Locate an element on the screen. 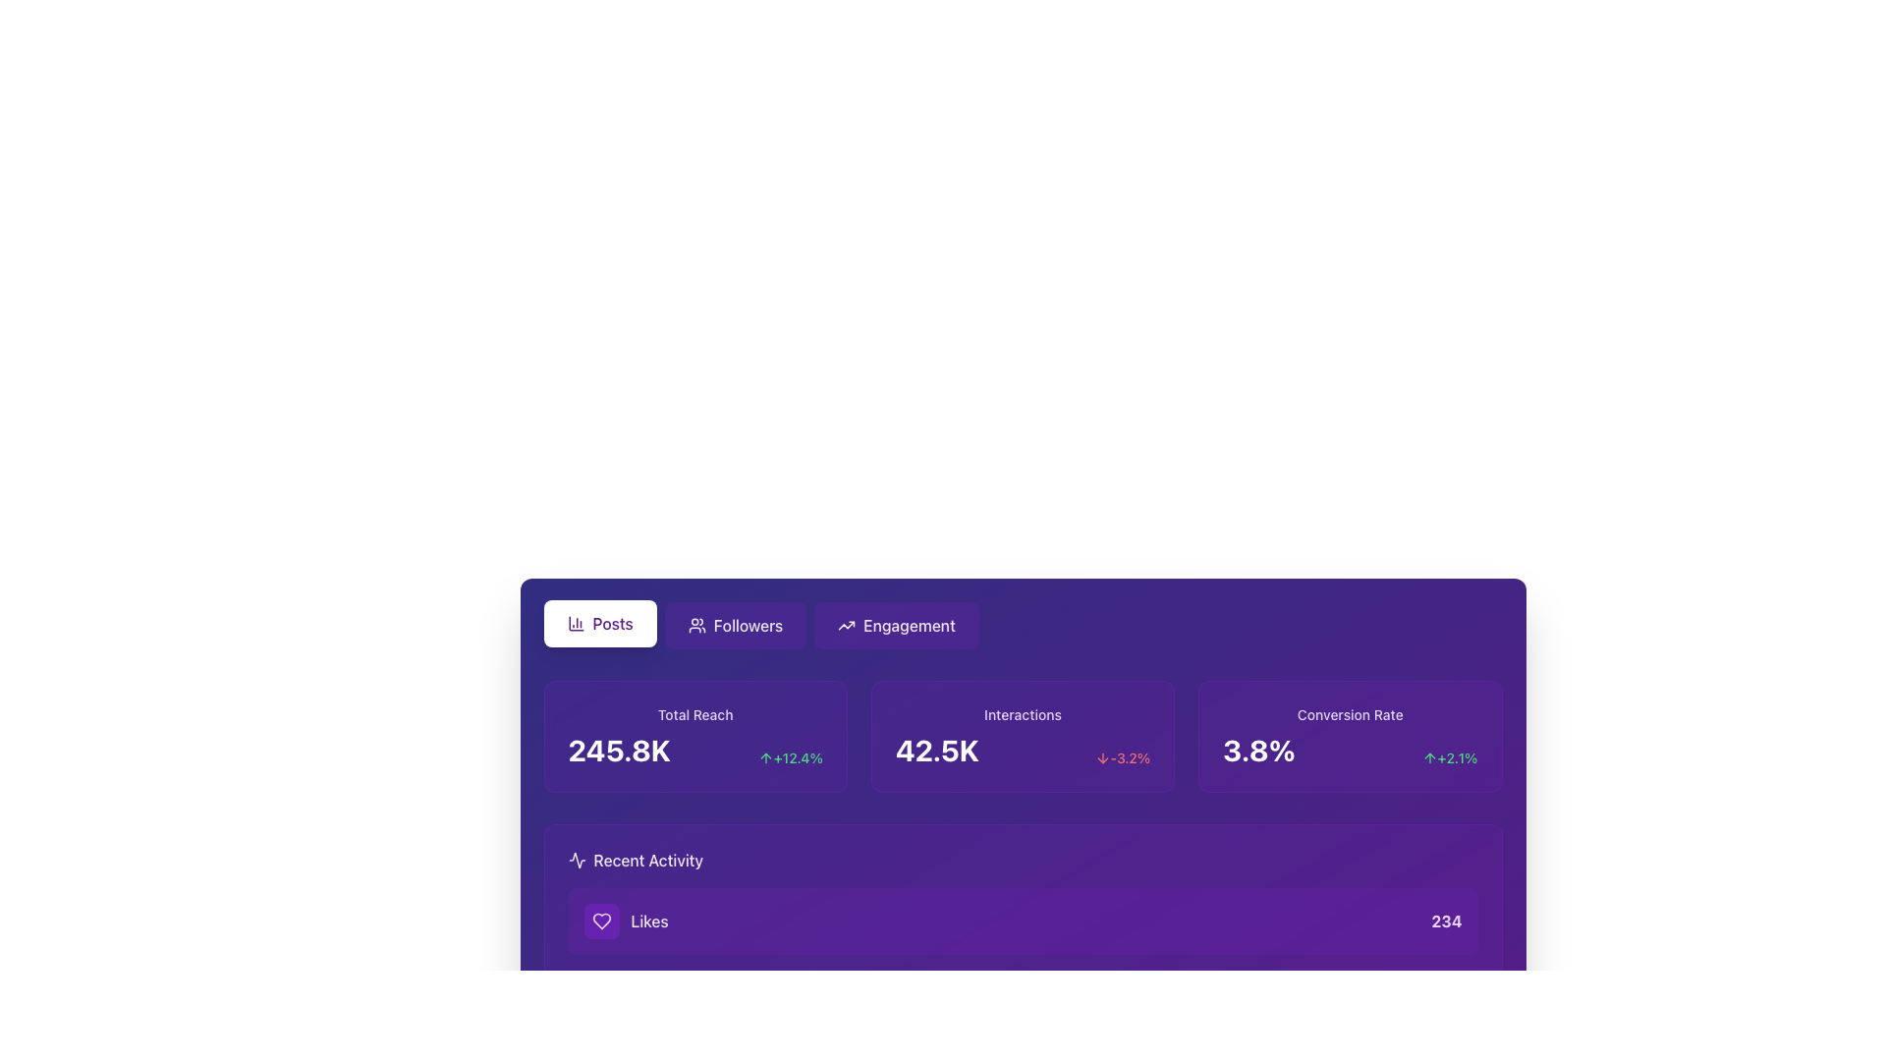 Image resolution: width=1886 pixels, height=1061 pixels. the 'Conversion Rate' metric display card located in the rightmost column of the grid, which shows the current percentage and a growth indicator is located at coordinates (1349, 736).